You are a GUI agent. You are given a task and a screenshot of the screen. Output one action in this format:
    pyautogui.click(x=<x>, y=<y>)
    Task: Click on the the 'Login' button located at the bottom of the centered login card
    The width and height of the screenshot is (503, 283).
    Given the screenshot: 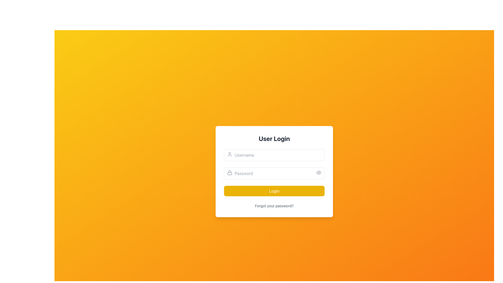 What is the action you would take?
    pyautogui.click(x=274, y=191)
    